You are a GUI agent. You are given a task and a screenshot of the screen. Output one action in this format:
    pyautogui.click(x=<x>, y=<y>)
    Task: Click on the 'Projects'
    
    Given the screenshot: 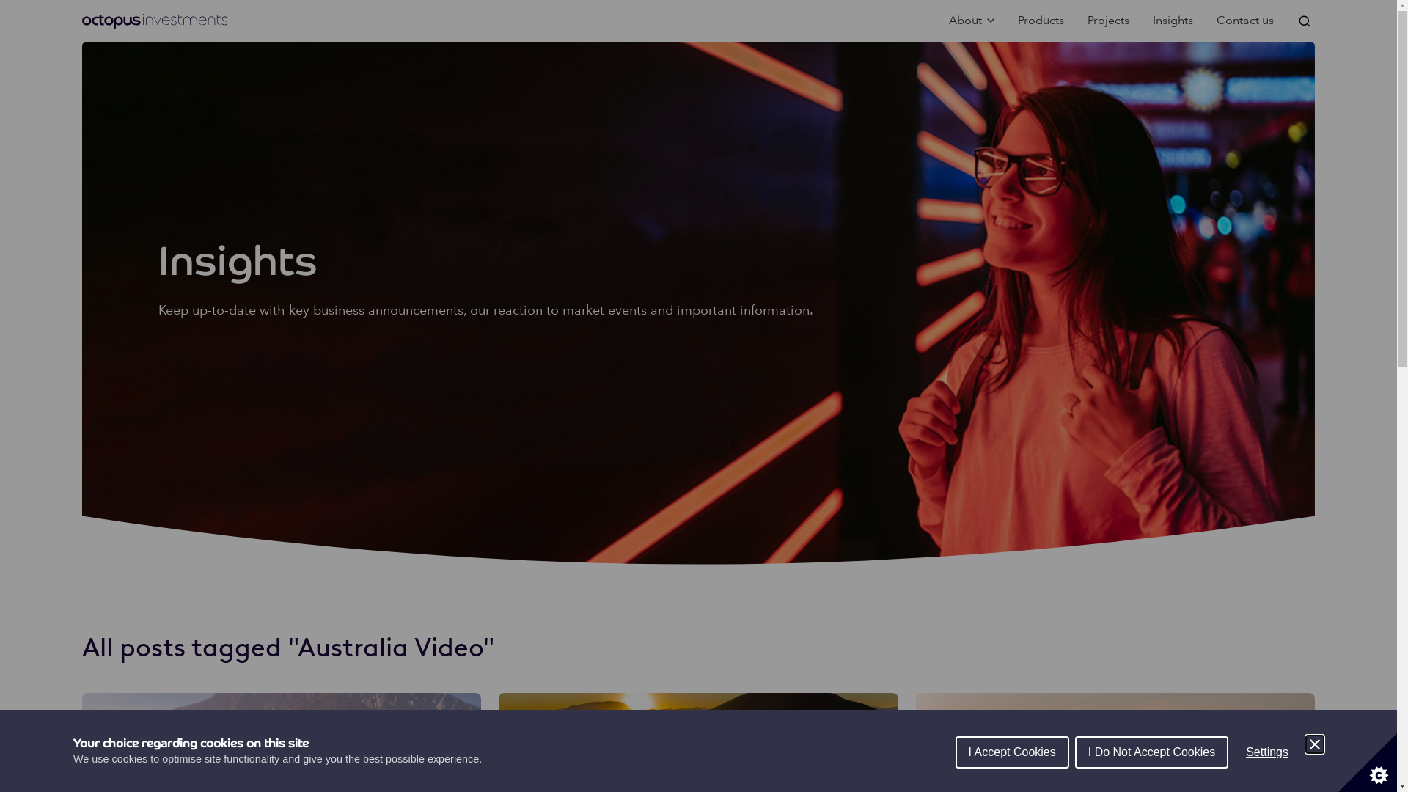 What is the action you would take?
    pyautogui.click(x=1088, y=20)
    